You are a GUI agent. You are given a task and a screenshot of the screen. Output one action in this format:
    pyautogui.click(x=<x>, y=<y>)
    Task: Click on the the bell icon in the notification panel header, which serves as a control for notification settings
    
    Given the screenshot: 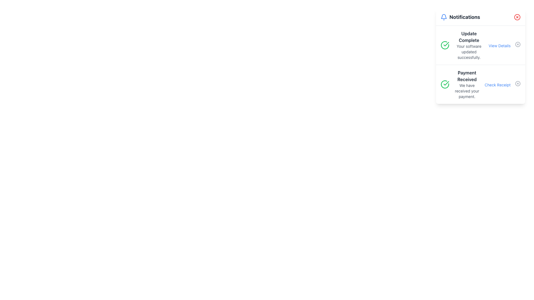 What is the action you would take?
    pyautogui.click(x=444, y=16)
    